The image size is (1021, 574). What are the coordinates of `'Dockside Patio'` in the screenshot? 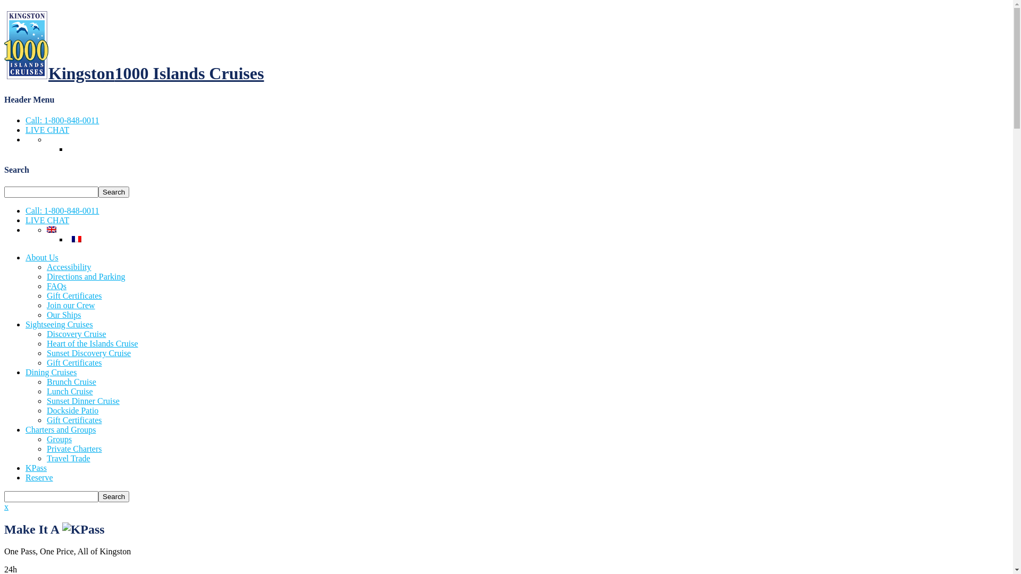 It's located at (72, 410).